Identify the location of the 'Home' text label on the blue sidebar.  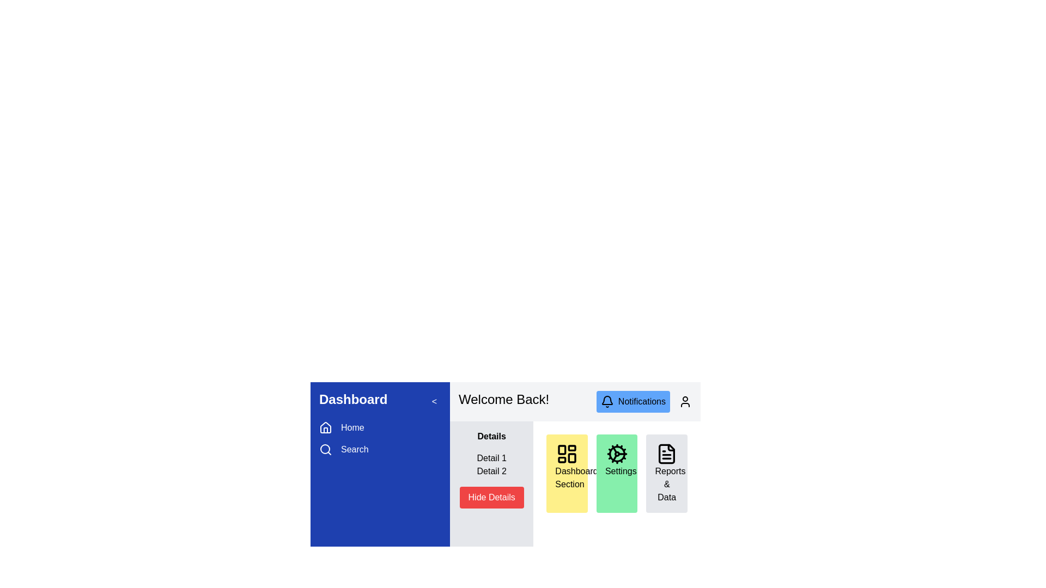
(352, 427).